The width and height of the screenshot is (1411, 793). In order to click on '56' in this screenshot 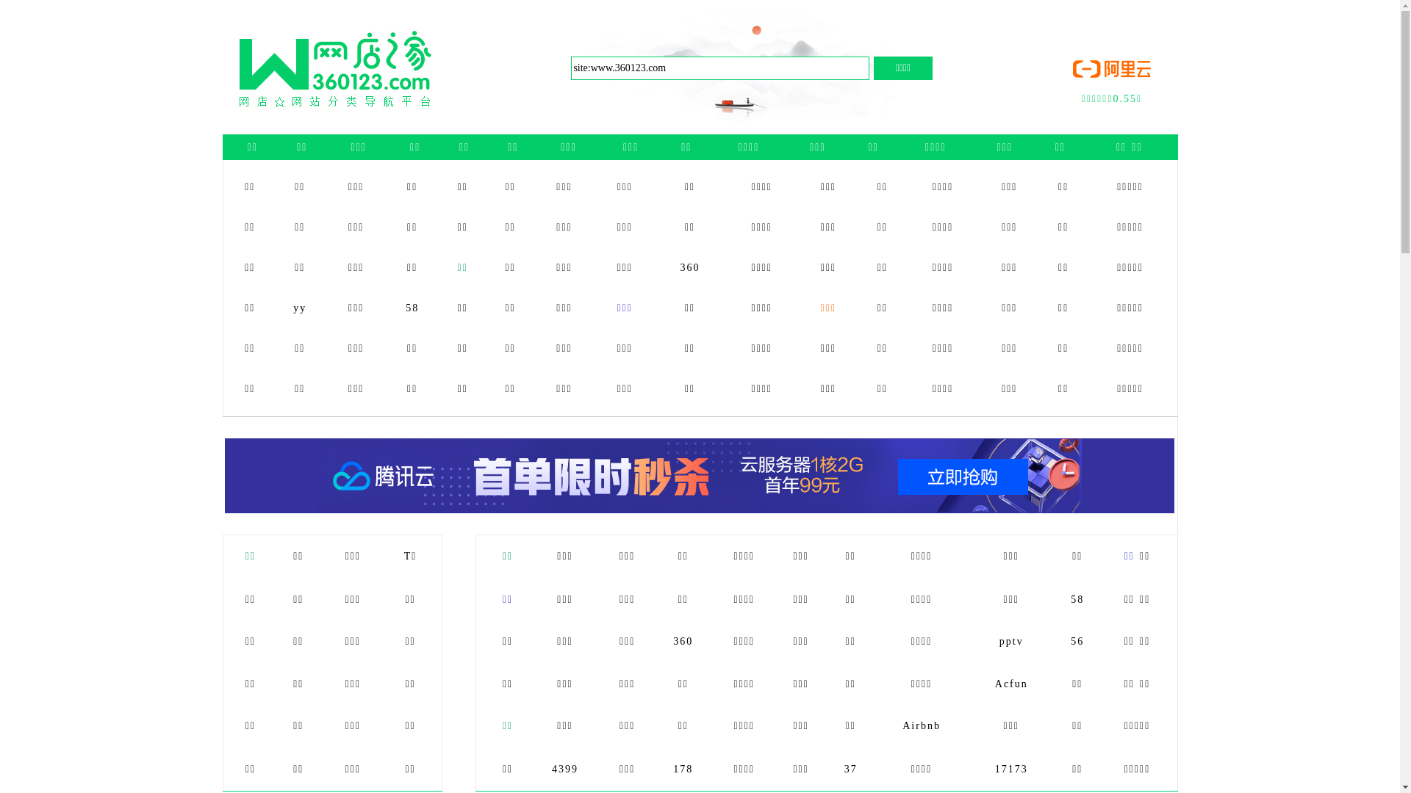, I will do `click(1071, 640)`.